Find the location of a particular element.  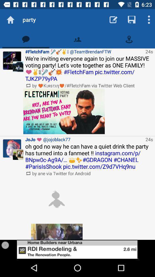

open the image is located at coordinates (57, 199).